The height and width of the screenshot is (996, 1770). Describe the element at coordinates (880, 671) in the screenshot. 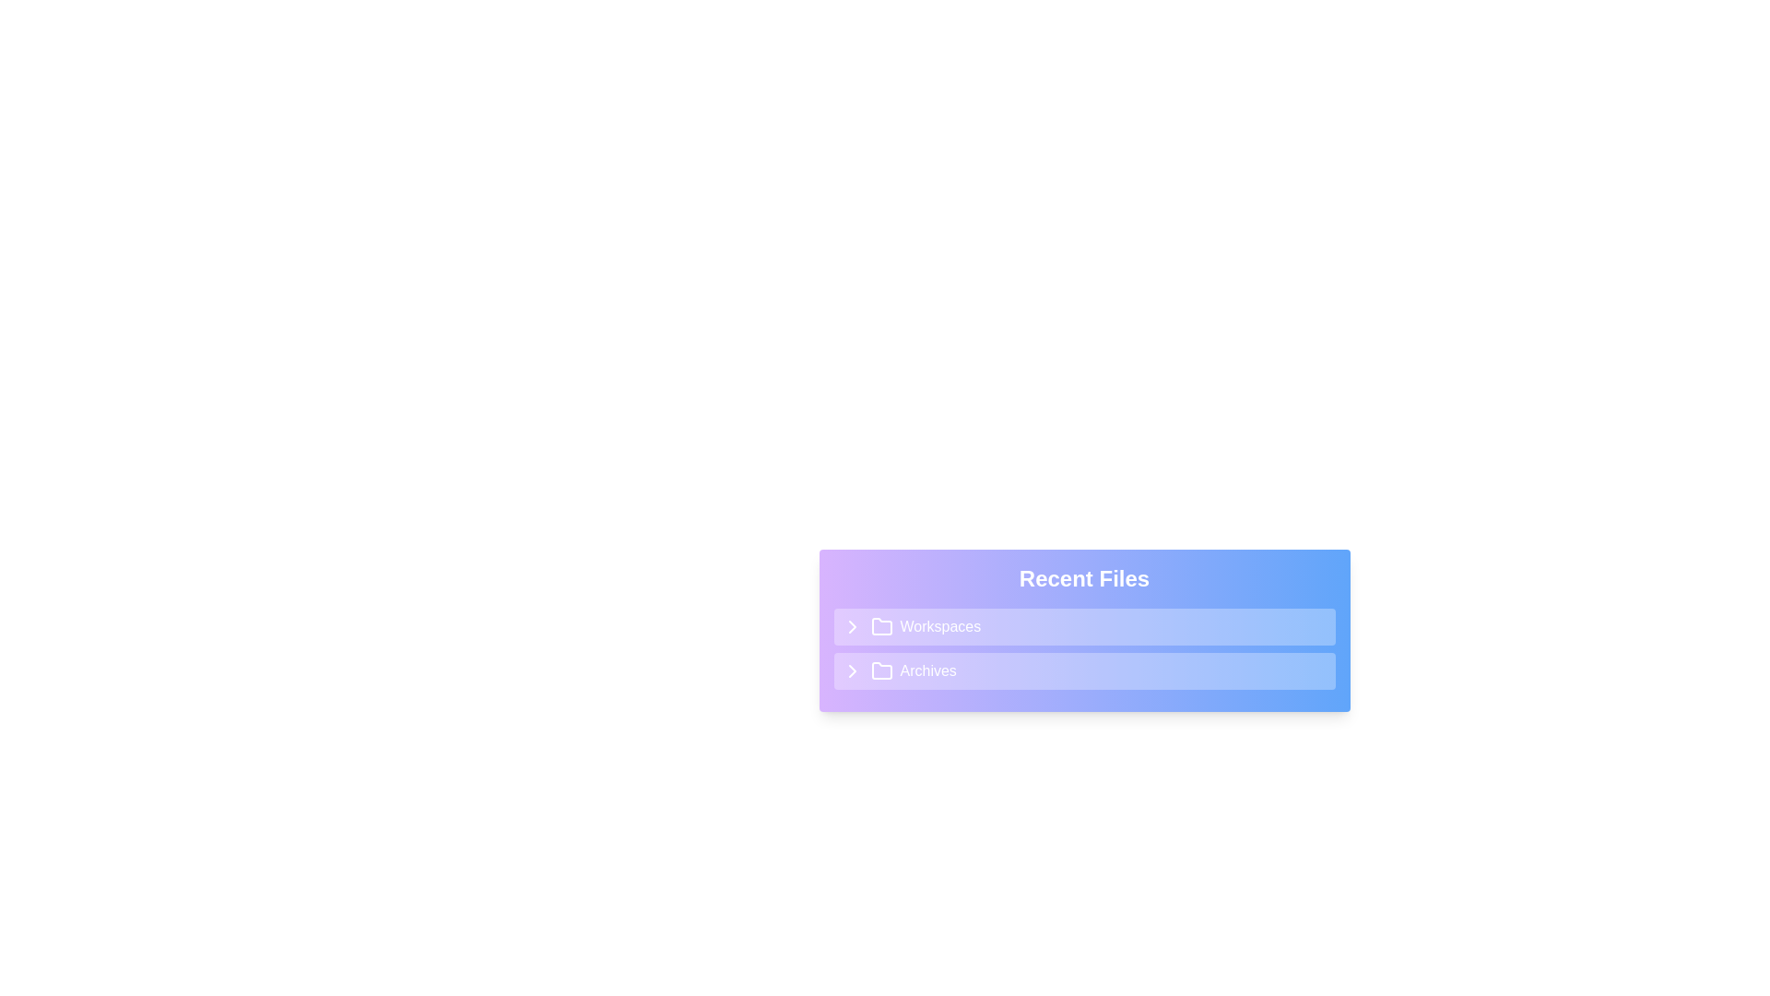

I see `the folder icon for Archives` at that location.